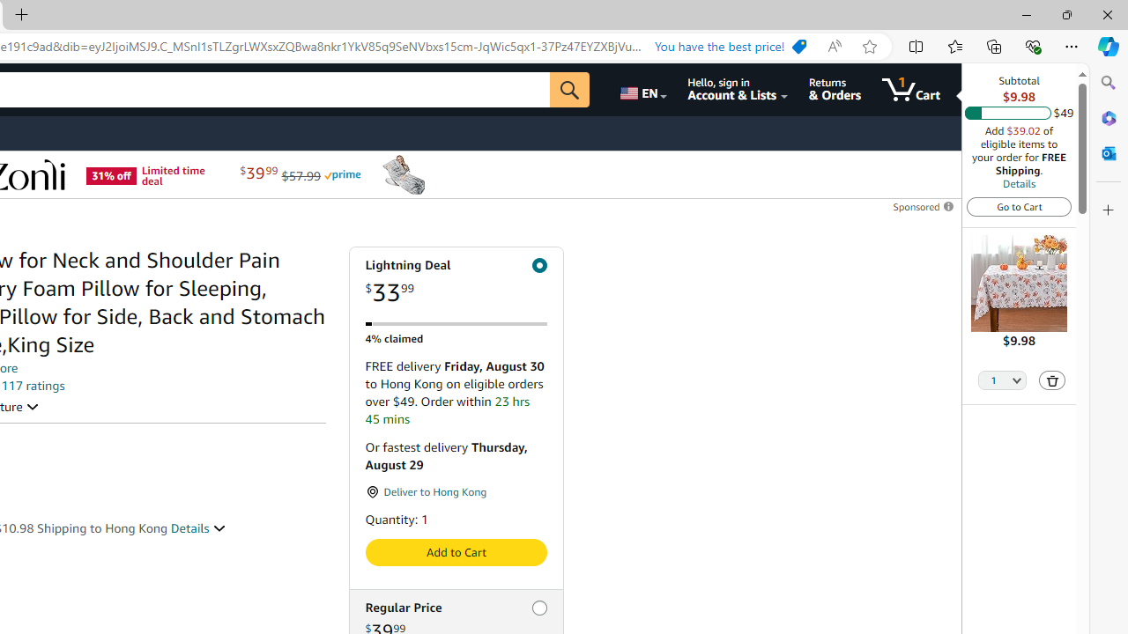 This screenshot has width=1128, height=634. Describe the element at coordinates (730, 46) in the screenshot. I see `'You have the best price!'` at that location.